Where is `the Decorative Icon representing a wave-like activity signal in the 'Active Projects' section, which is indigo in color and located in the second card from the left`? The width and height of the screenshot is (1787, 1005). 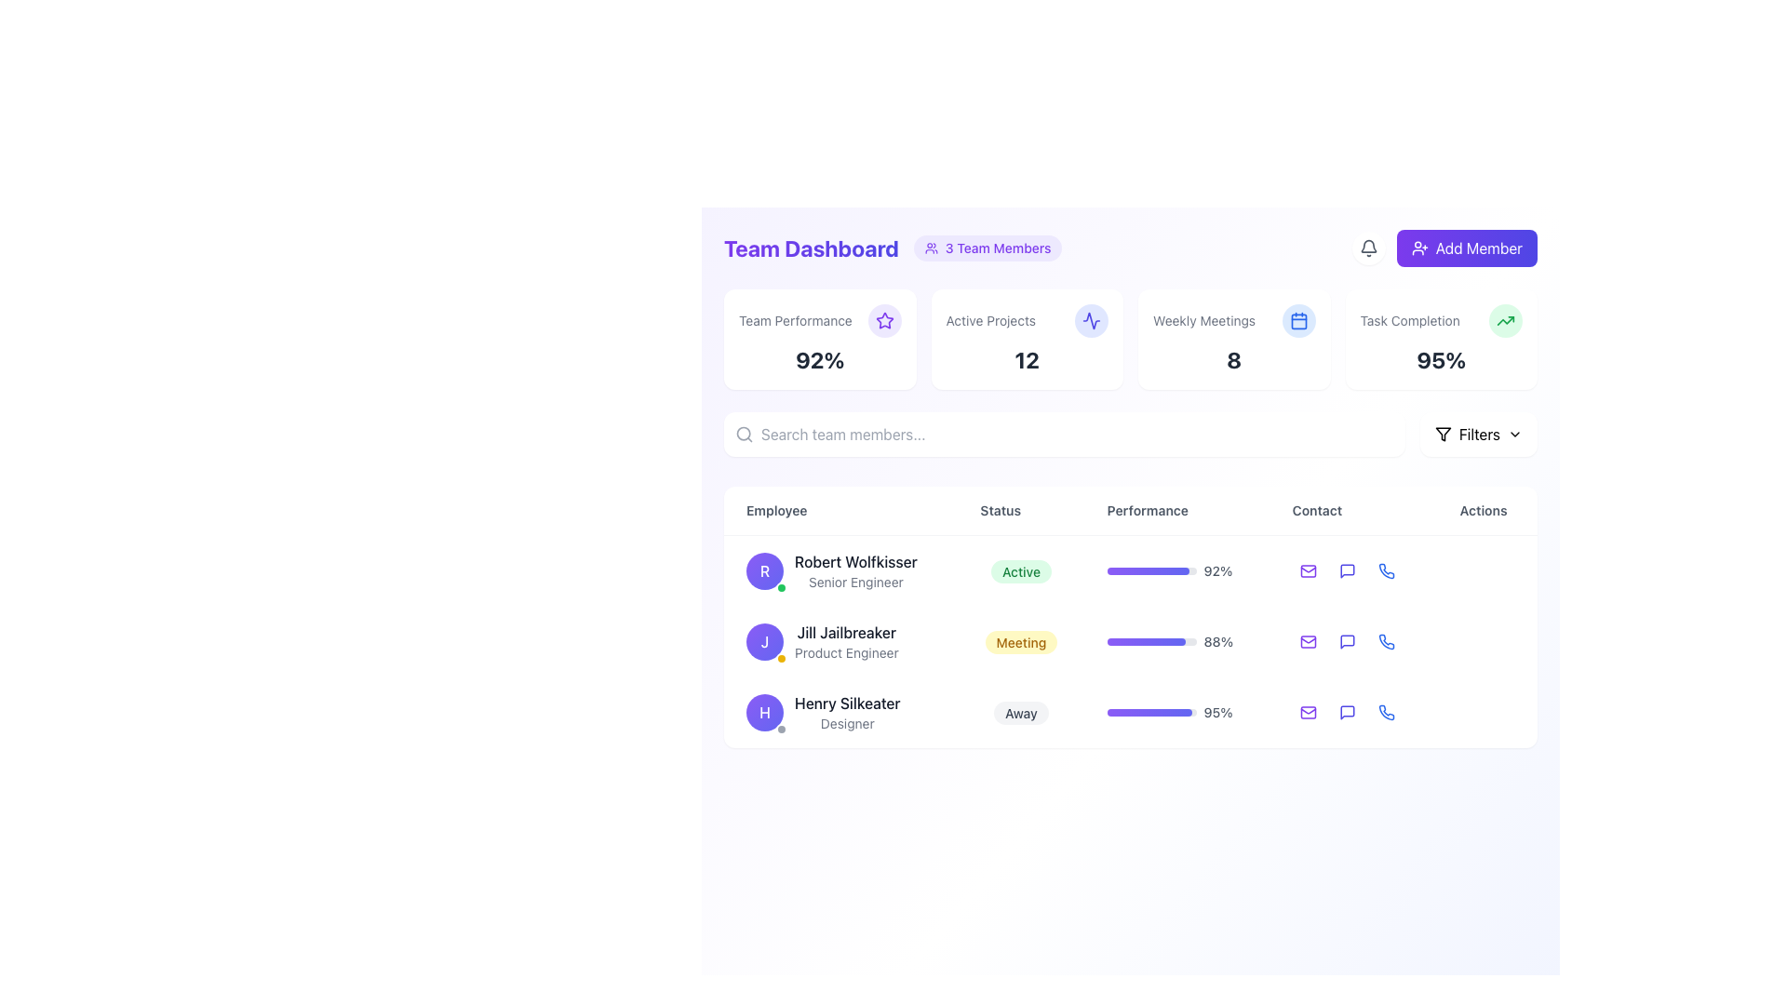
the Decorative Icon representing a wave-like activity signal in the 'Active Projects' section, which is indigo in color and located in the second card from the left is located at coordinates (1091, 319).